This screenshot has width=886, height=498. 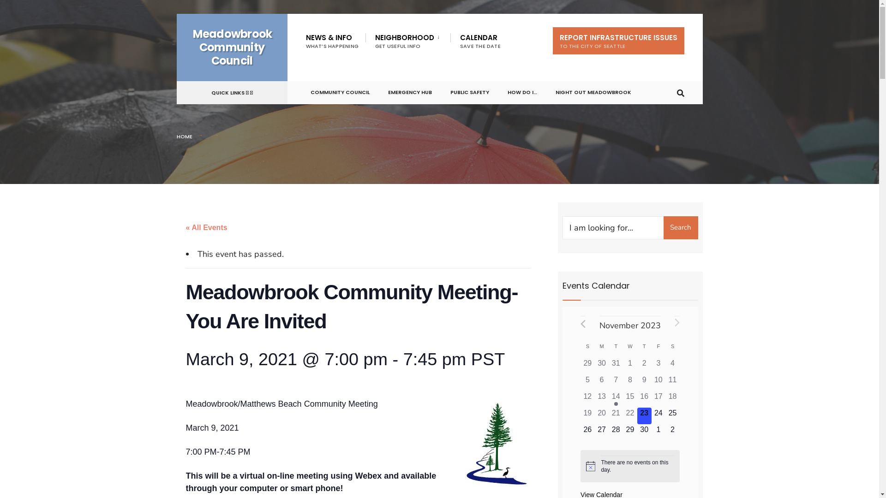 What do you see at coordinates (602, 432) in the screenshot?
I see `'0 events,` at bounding box center [602, 432].